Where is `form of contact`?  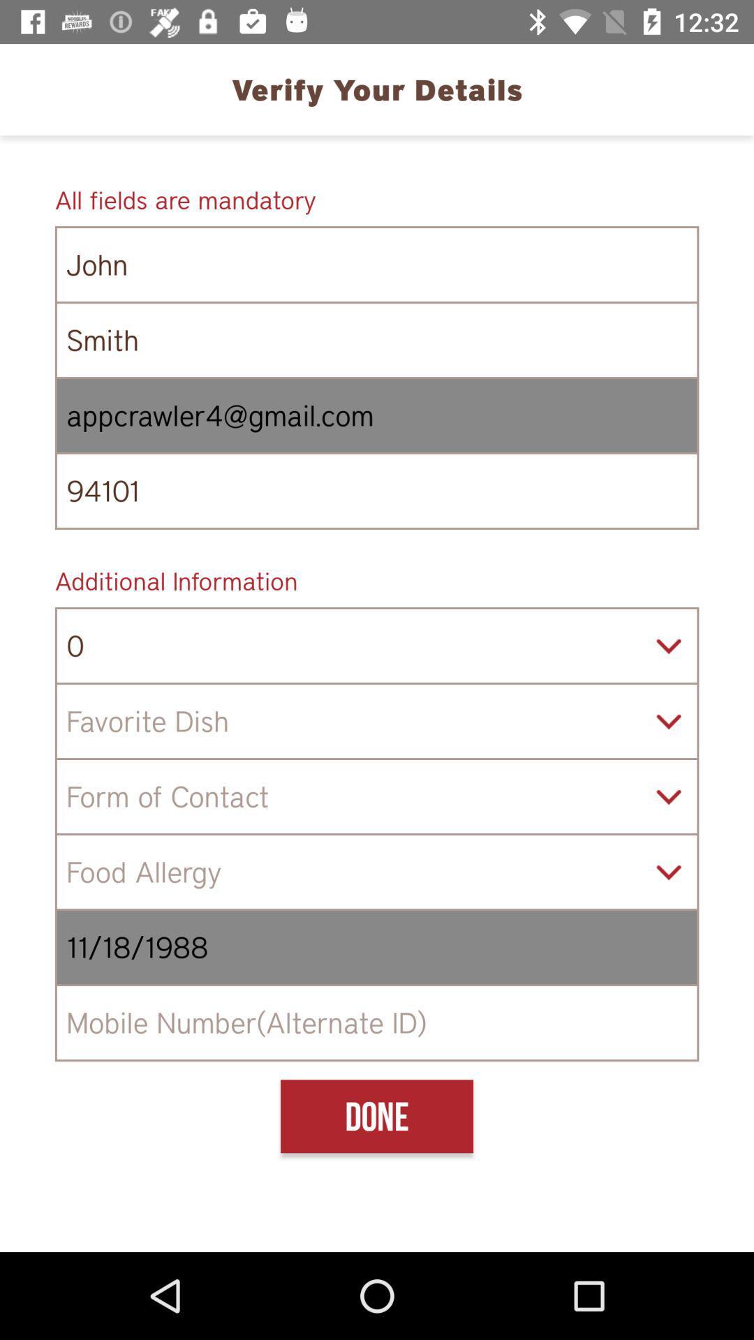
form of contact is located at coordinates (377, 796).